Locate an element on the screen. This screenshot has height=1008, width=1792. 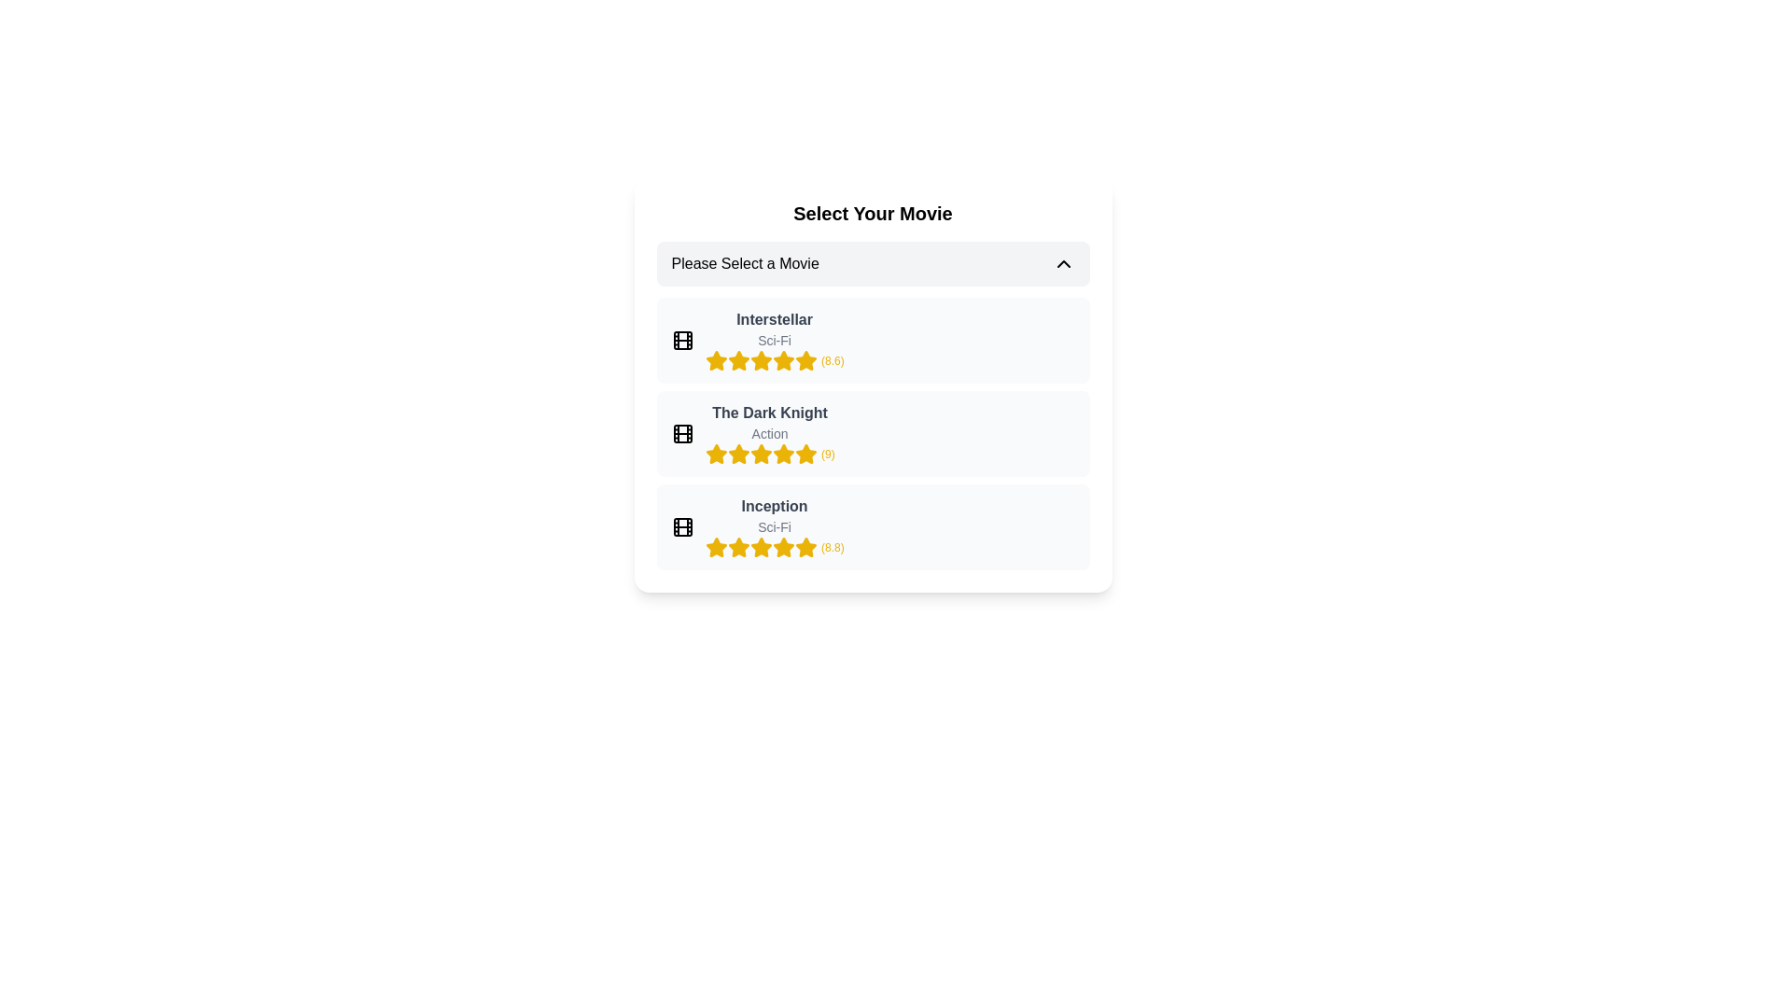
the yellow star-shaped icon representing a selected rating for the film 'Interstellar' is located at coordinates (737, 360).